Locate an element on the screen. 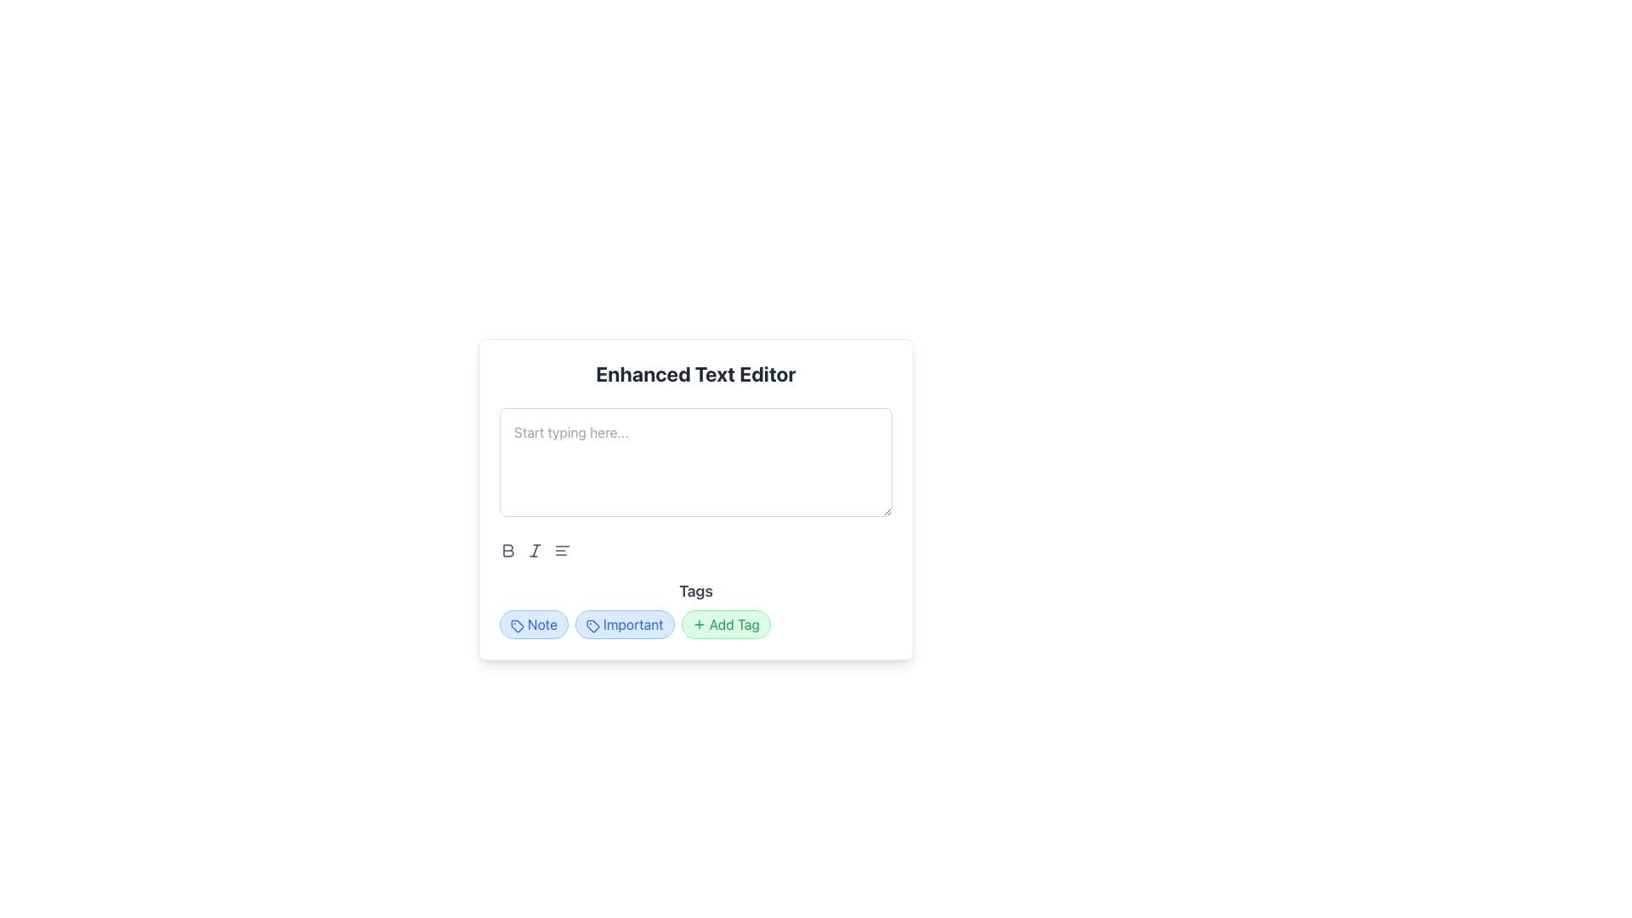 The width and height of the screenshot is (1632, 918). the italic formatting icon button located beneath the text entry area of the editor, positioned as the second icon from the left, between the bold icon and the alignment icon is located at coordinates (534, 551).